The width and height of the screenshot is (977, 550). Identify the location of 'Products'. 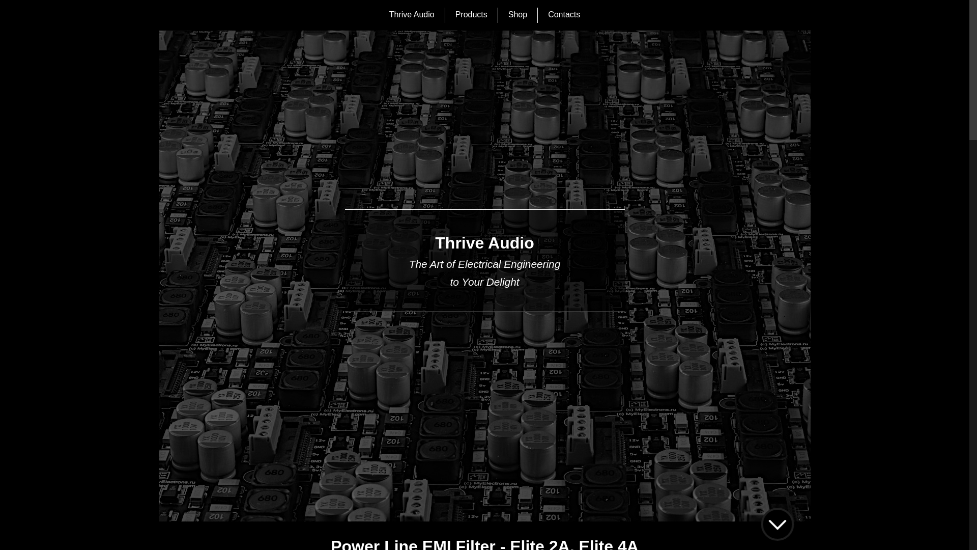
(454, 15).